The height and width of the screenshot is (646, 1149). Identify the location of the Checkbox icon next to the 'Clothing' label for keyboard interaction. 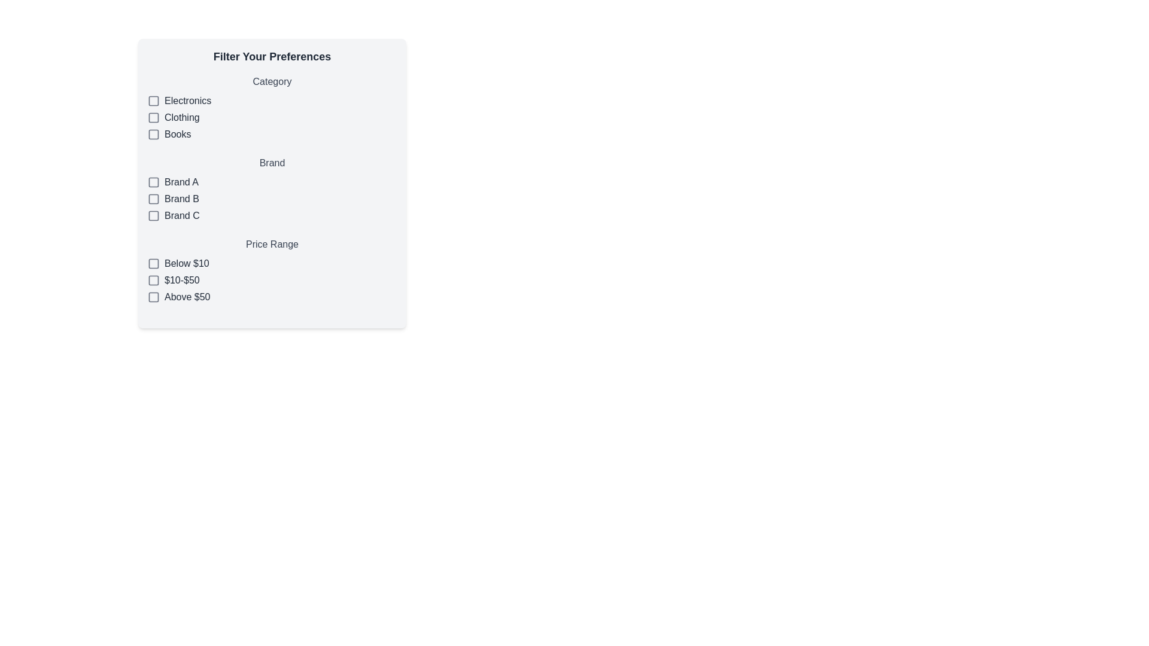
(153, 117).